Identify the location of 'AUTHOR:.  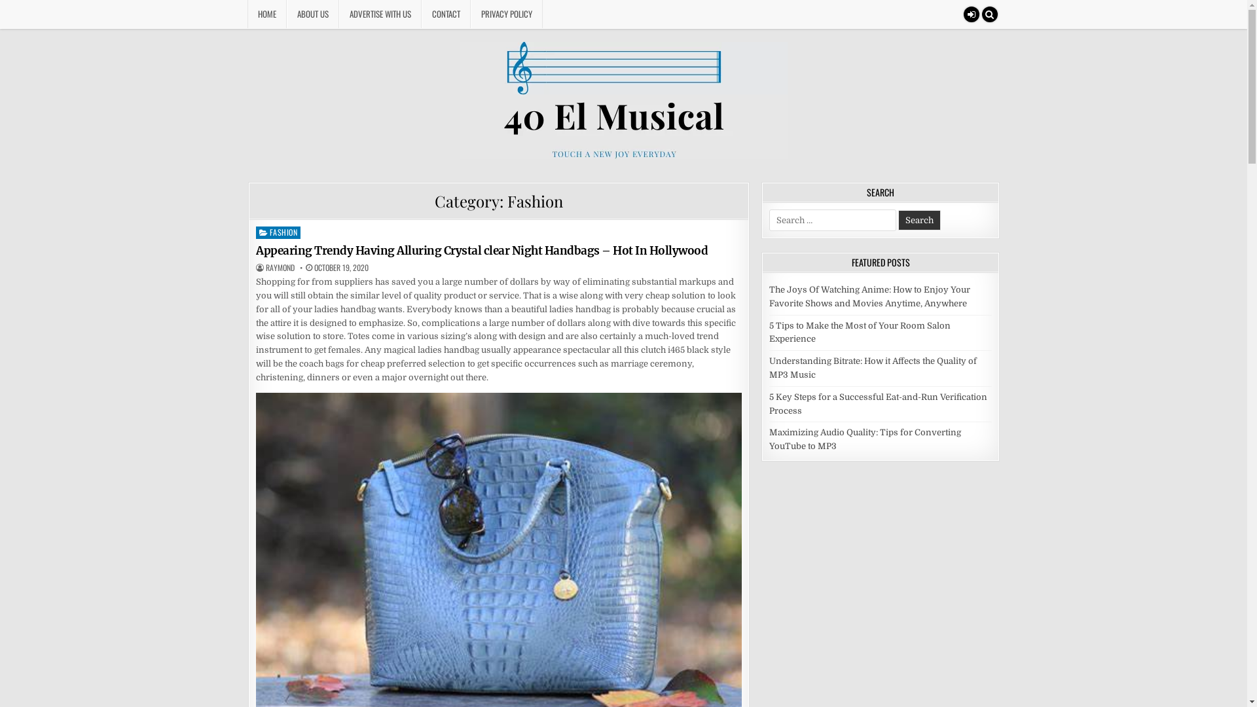
(279, 266).